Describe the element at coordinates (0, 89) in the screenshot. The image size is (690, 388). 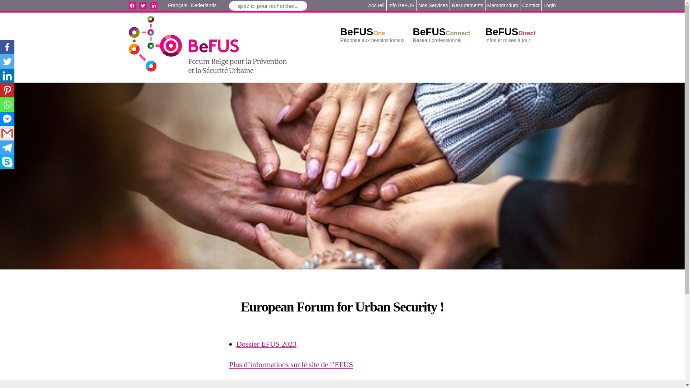
I see `'Pinterest'` at that location.